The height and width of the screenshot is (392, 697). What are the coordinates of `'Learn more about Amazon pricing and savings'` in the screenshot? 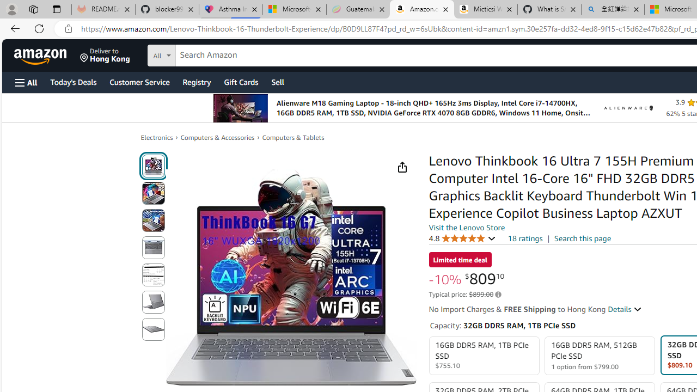 It's located at (498, 295).